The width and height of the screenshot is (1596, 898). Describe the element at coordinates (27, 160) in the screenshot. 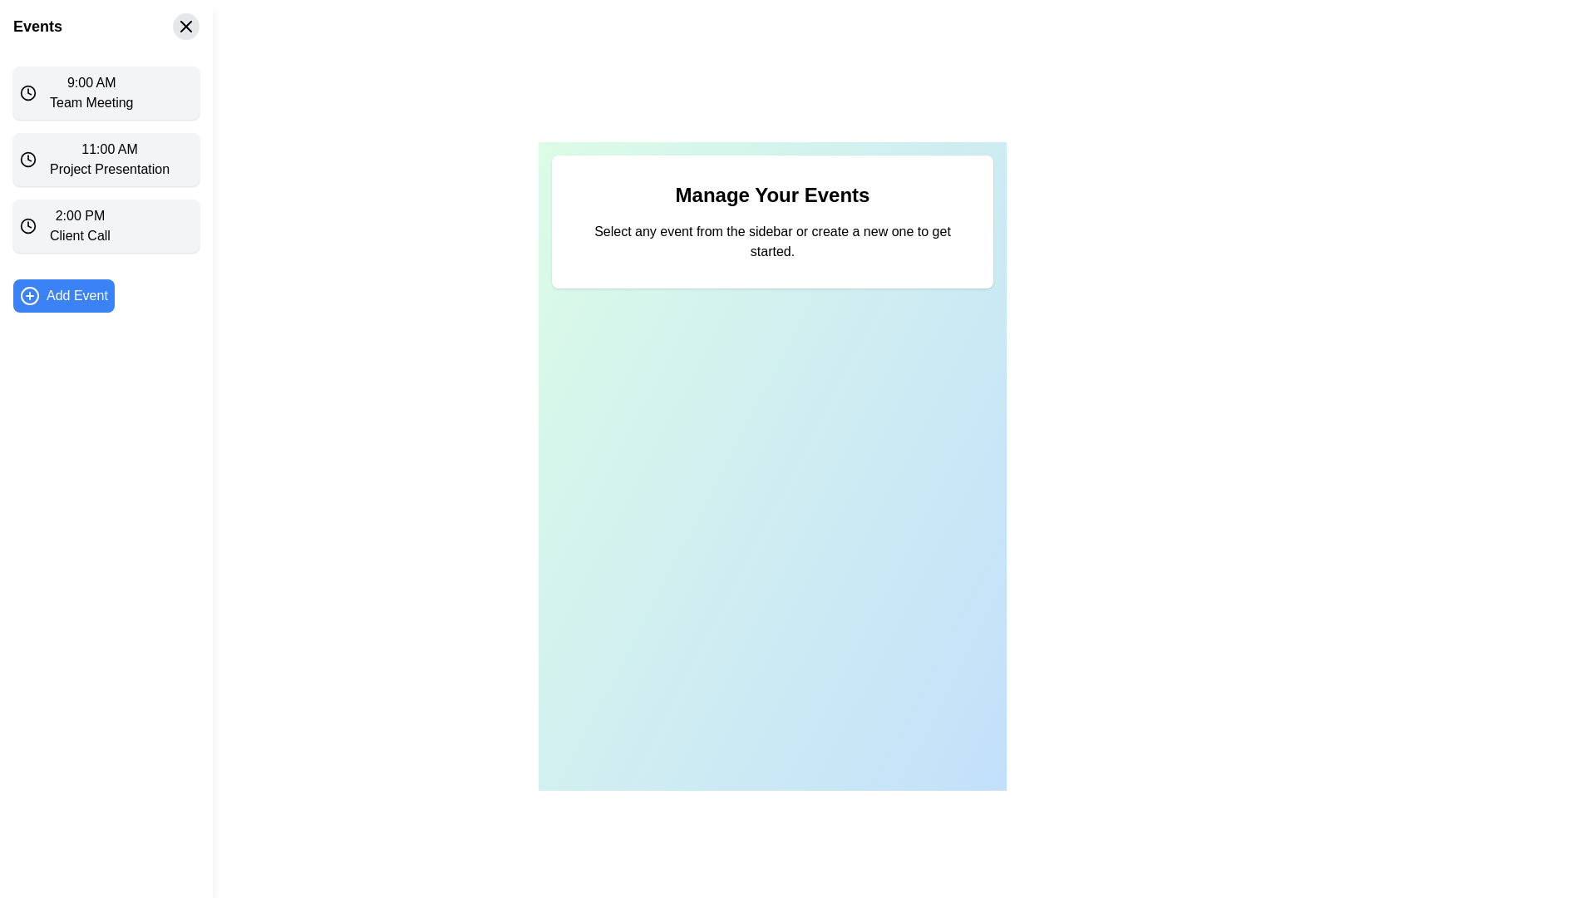

I see `the time icon indicating '11:00 AM Project Presentation' located at the top-left corner of the sidebar, adjacent to the '11:00 AM' text` at that location.